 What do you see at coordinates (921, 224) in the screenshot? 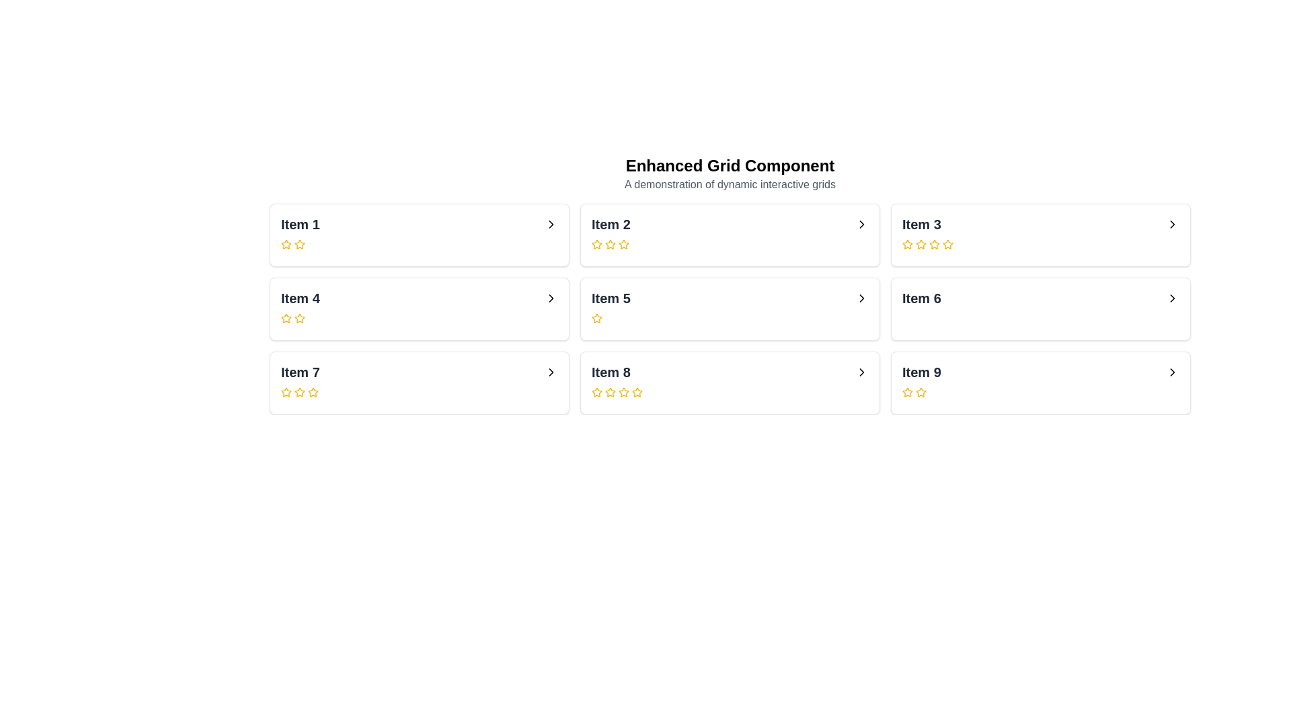
I see `the header label for 'Item 3' located` at bounding box center [921, 224].